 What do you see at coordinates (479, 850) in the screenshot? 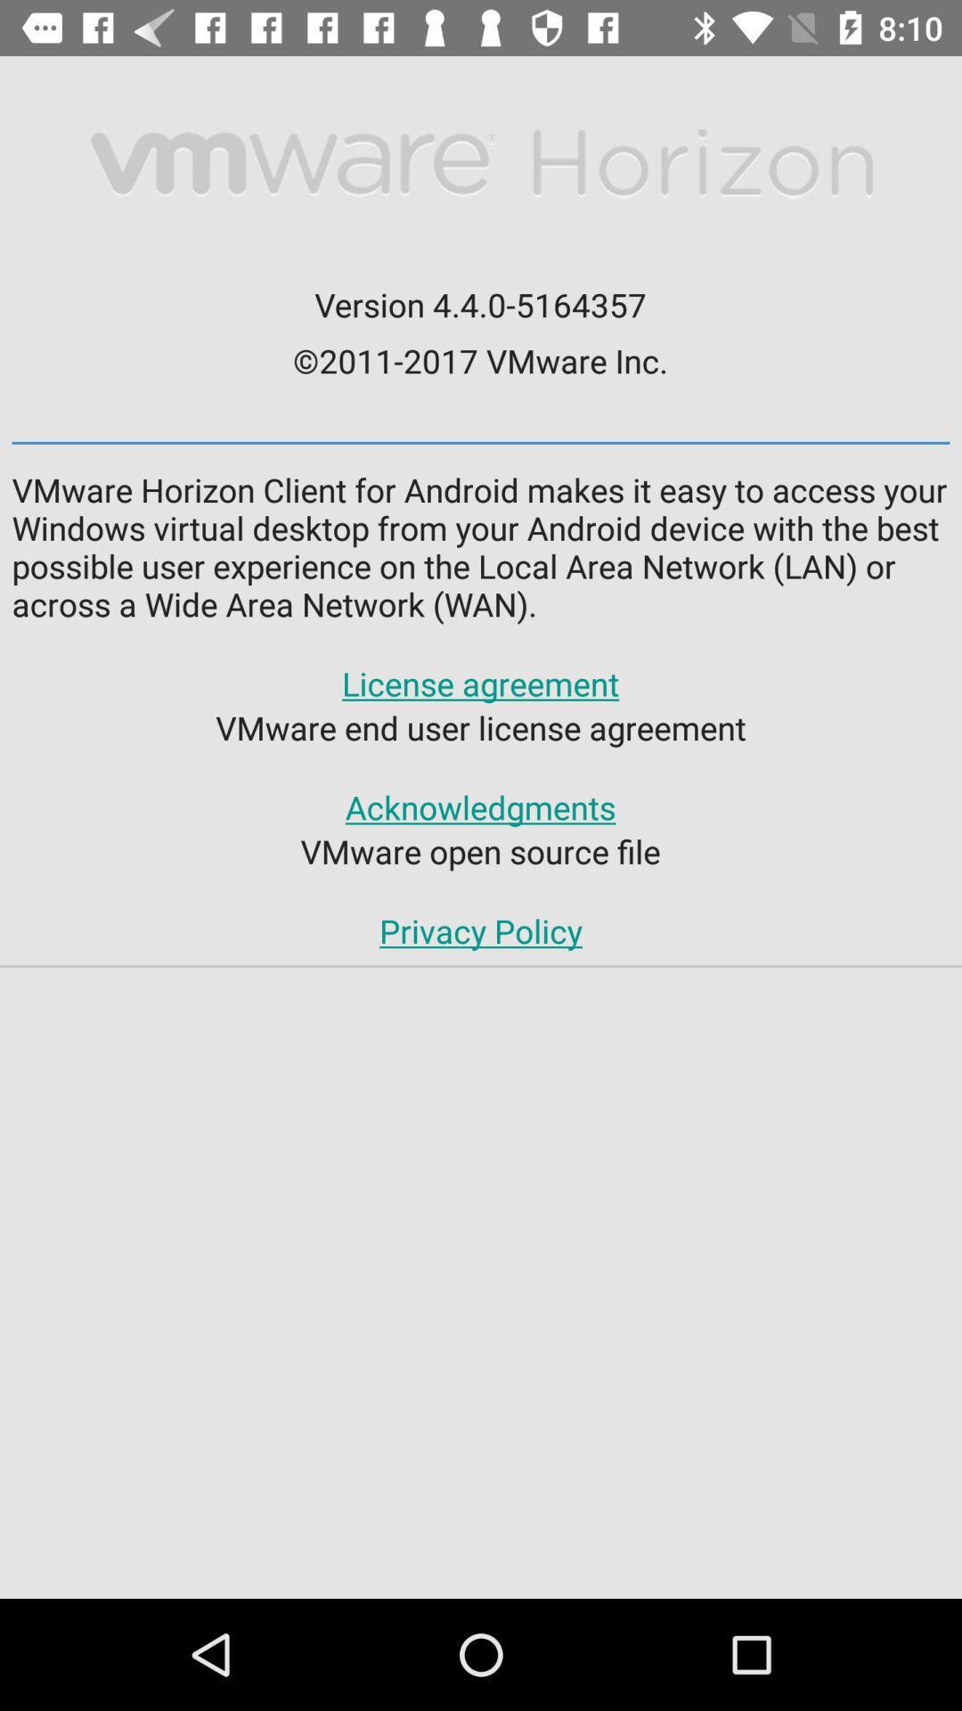
I see `the vmware open source app` at bounding box center [479, 850].